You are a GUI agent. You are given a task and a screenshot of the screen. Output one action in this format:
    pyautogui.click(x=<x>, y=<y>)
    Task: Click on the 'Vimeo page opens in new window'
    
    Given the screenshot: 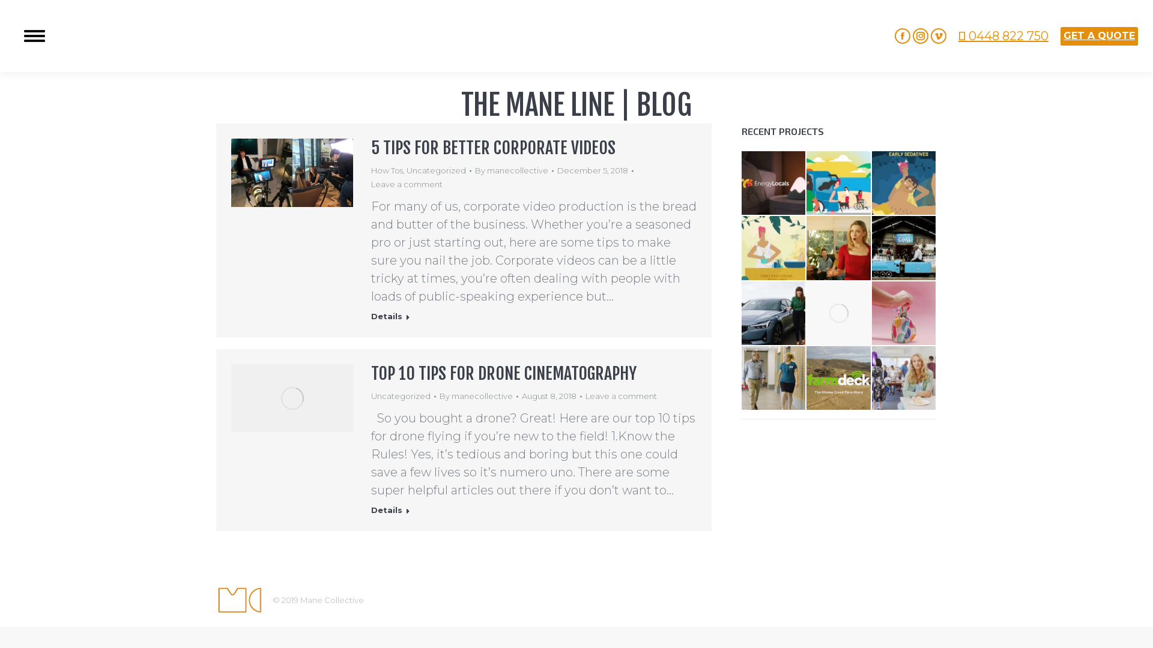 What is the action you would take?
    pyautogui.click(x=938, y=35)
    